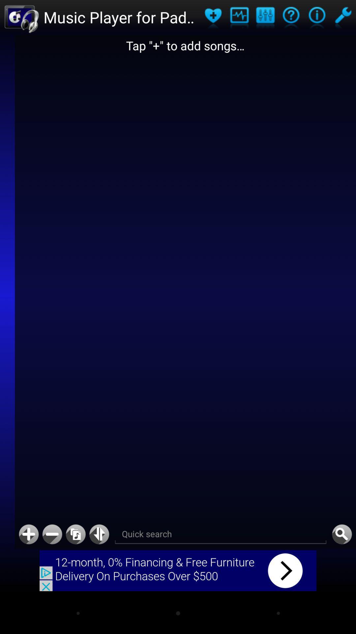  Describe the element at coordinates (213, 18) in the screenshot. I see `the favorite icon` at that location.